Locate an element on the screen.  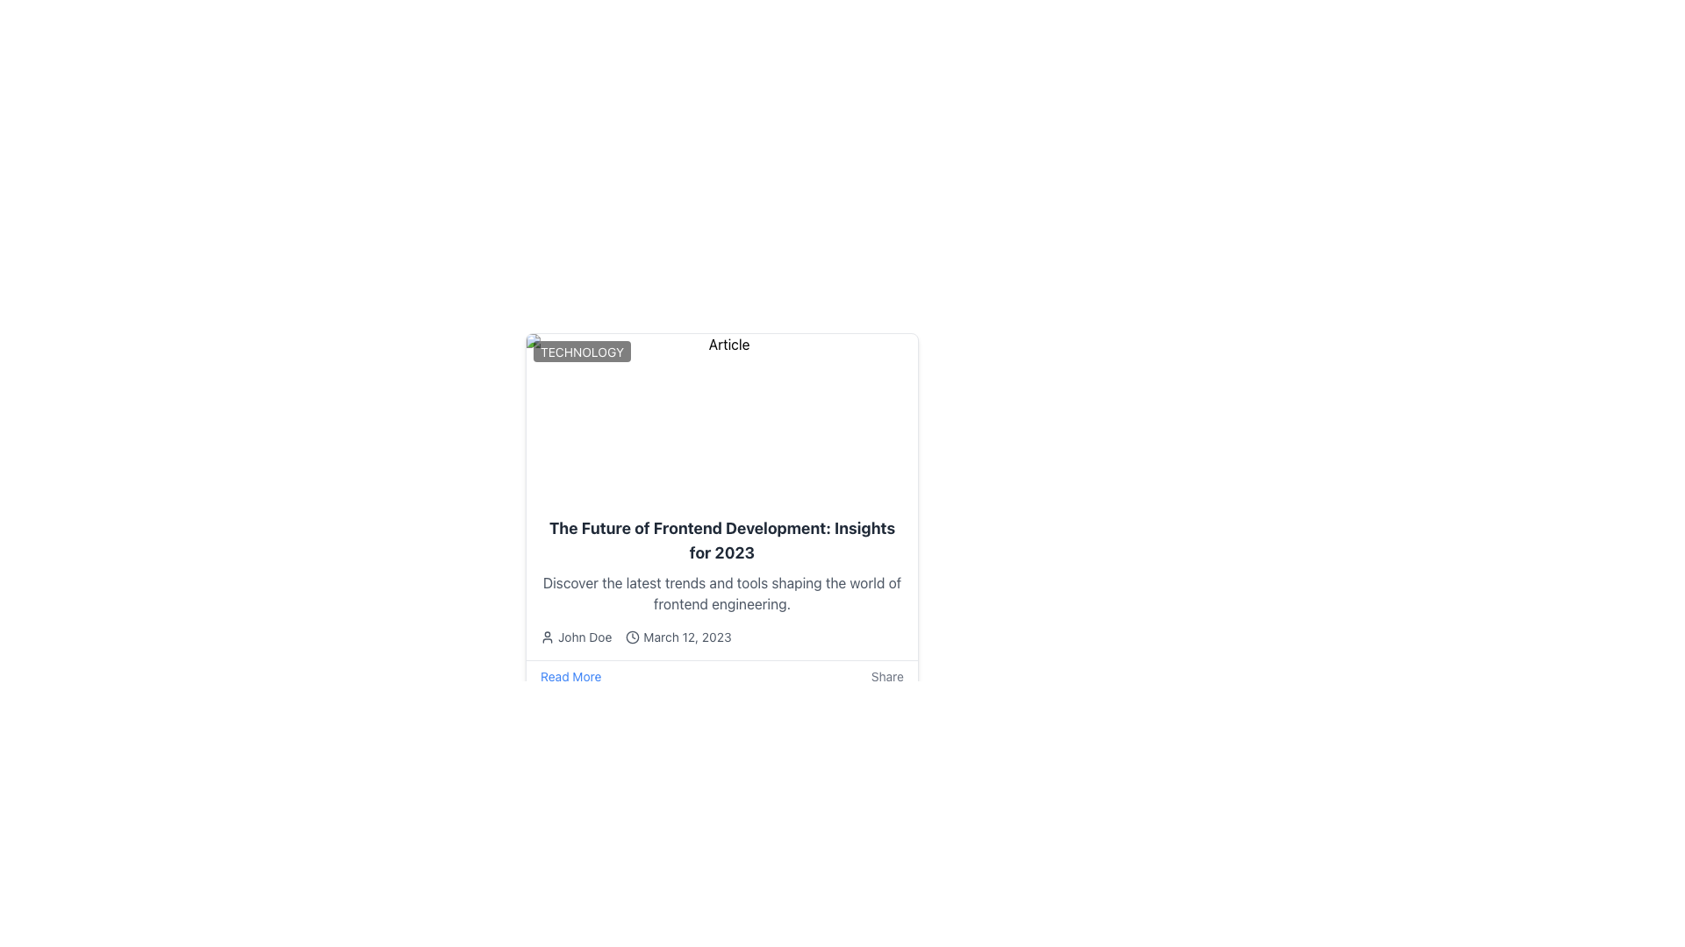
the text element styled in gray that reads: 'Discover the latest trends and tools shaping the world of frontend engineering.', which is located below the title and above the metadata information is located at coordinates (721, 593).